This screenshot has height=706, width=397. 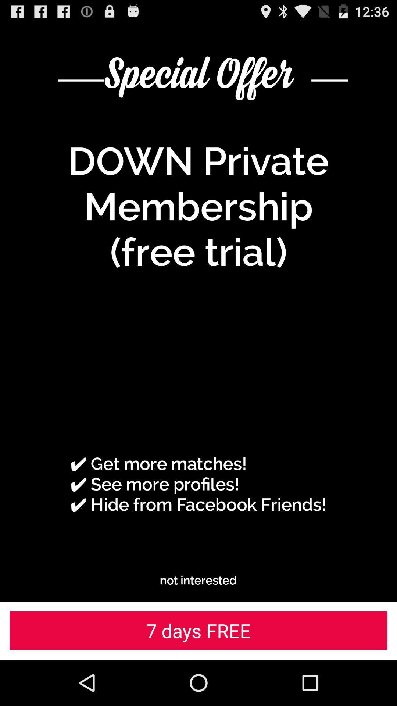 I want to click on icon below get more matches, so click(x=198, y=580).